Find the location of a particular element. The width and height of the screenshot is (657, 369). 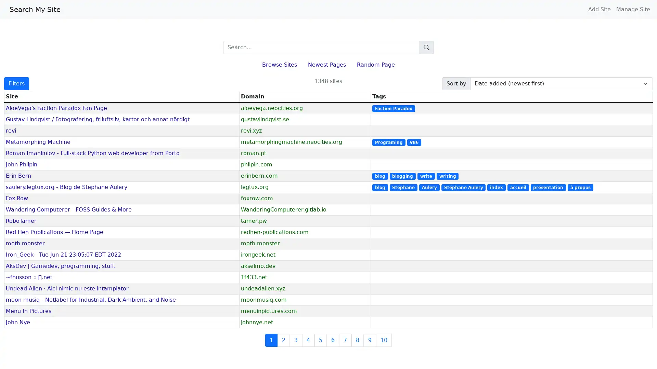

9 is located at coordinates (369, 340).